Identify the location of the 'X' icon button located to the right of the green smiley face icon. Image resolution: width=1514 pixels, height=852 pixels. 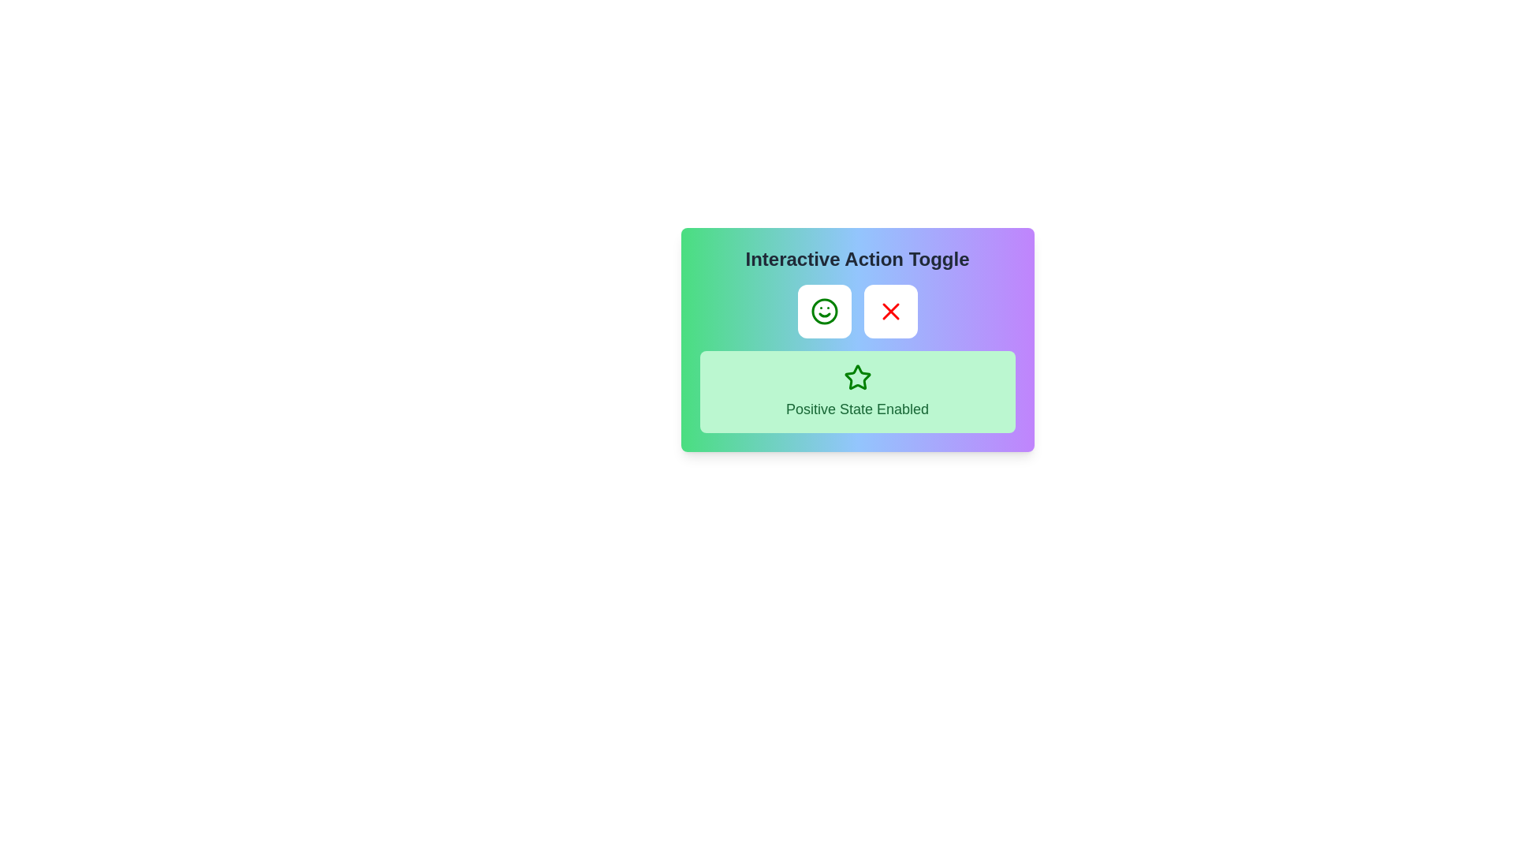
(890, 311).